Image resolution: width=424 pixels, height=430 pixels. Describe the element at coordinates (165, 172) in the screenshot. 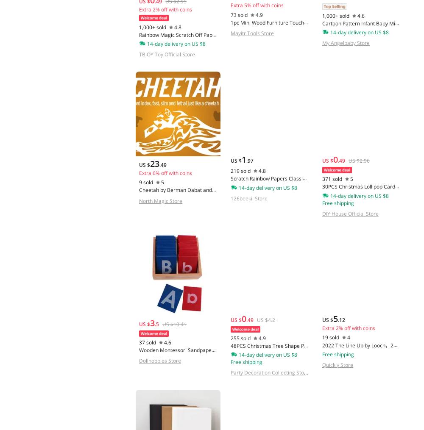

I see `'Extra 6% off with coins'` at that location.